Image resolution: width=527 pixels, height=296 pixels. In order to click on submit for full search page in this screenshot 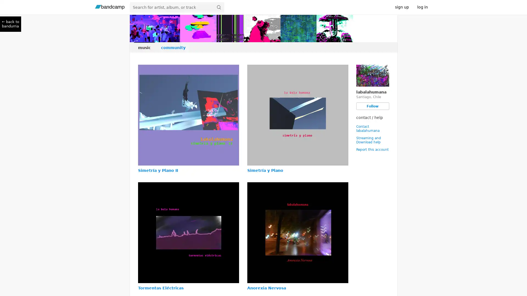, I will do `click(218, 7)`.